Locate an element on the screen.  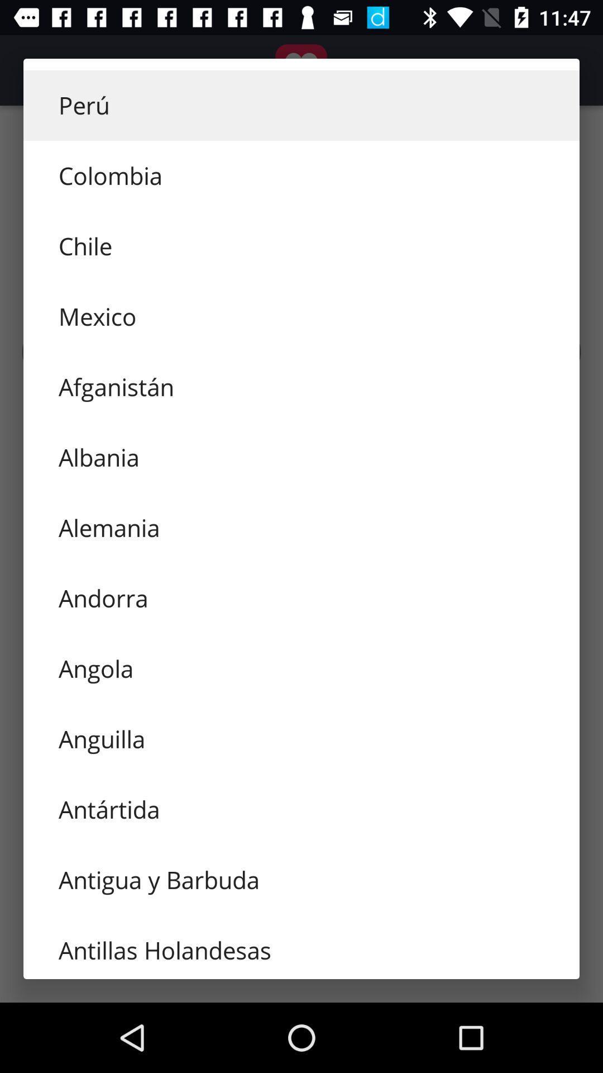
item below mexico item is located at coordinates (301, 387).